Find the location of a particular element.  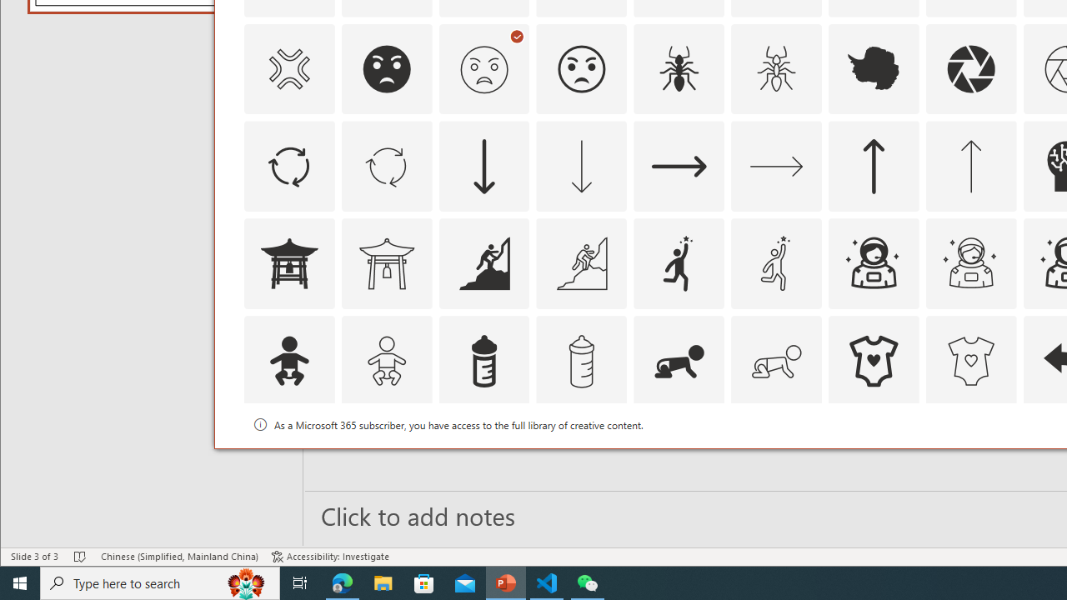

'AutomationID: Icons_BabyOnesie' is located at coordinates (873, 361).